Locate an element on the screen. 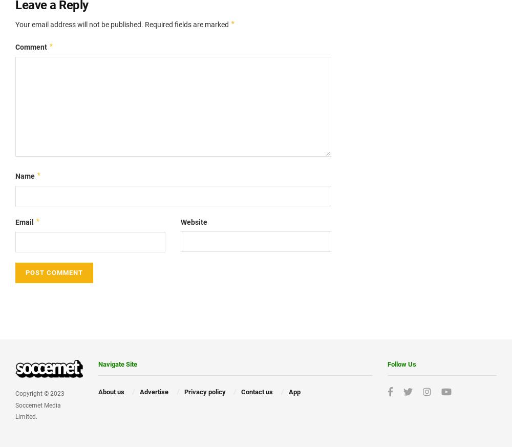 Image resolution: width=512 pixels, height=447 pixels. 'Copyright © 2023 Soccernet Media Limited.' is located at coordinates (39, 405).